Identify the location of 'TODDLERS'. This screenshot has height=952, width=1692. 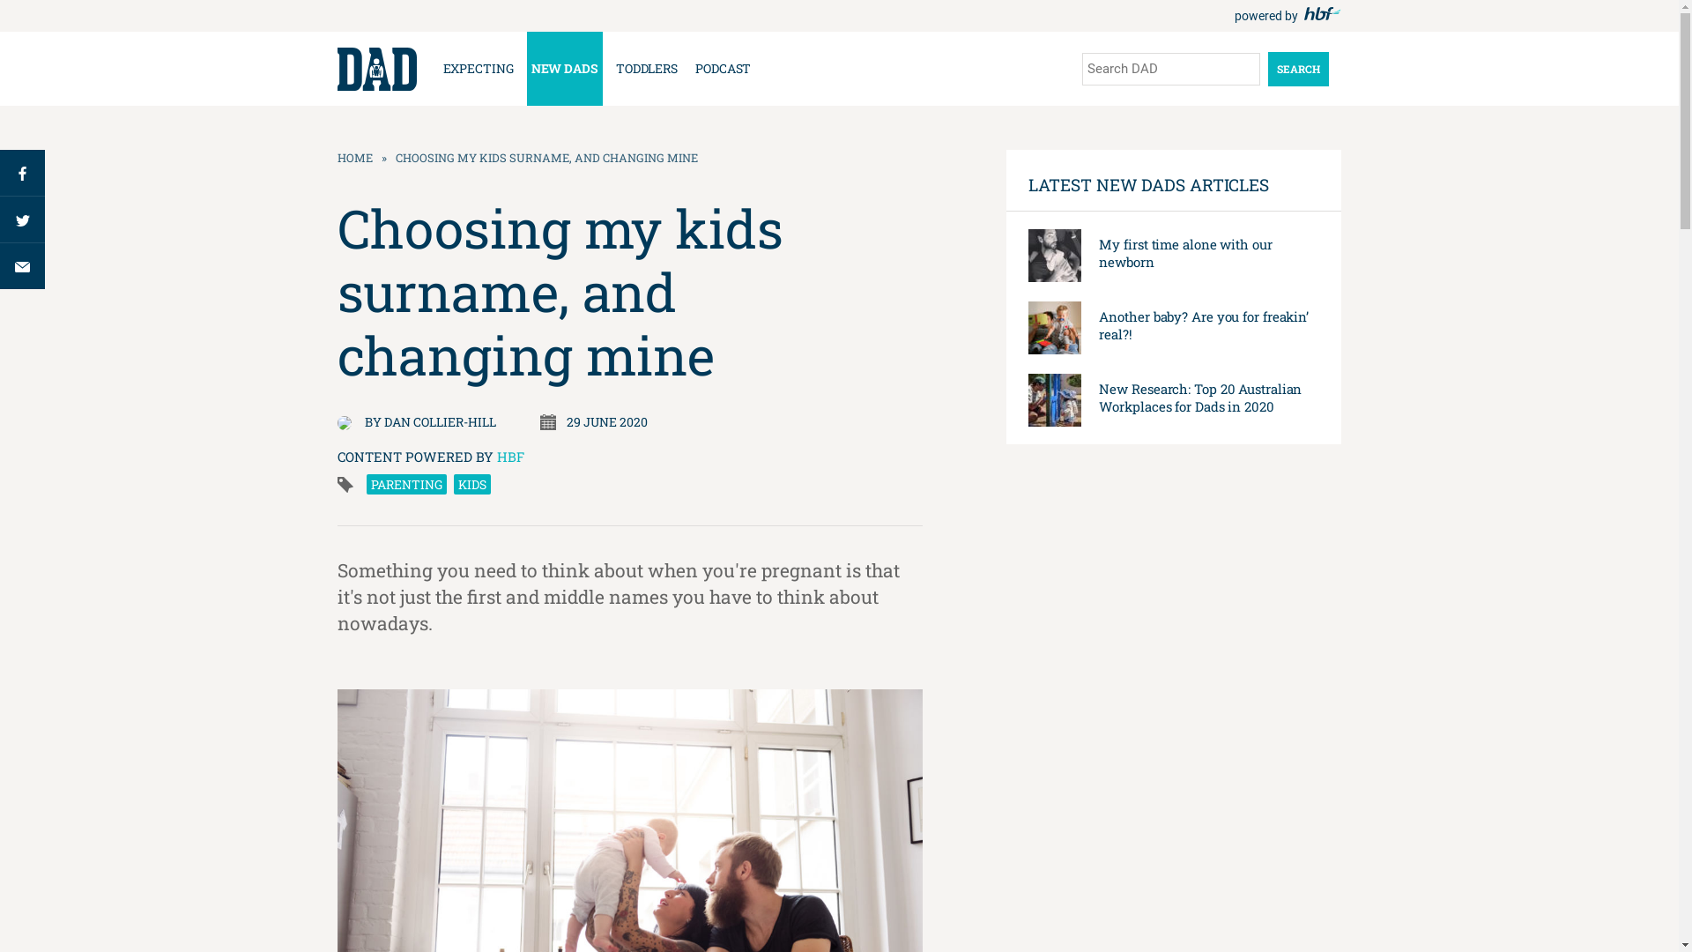
(612, 67).